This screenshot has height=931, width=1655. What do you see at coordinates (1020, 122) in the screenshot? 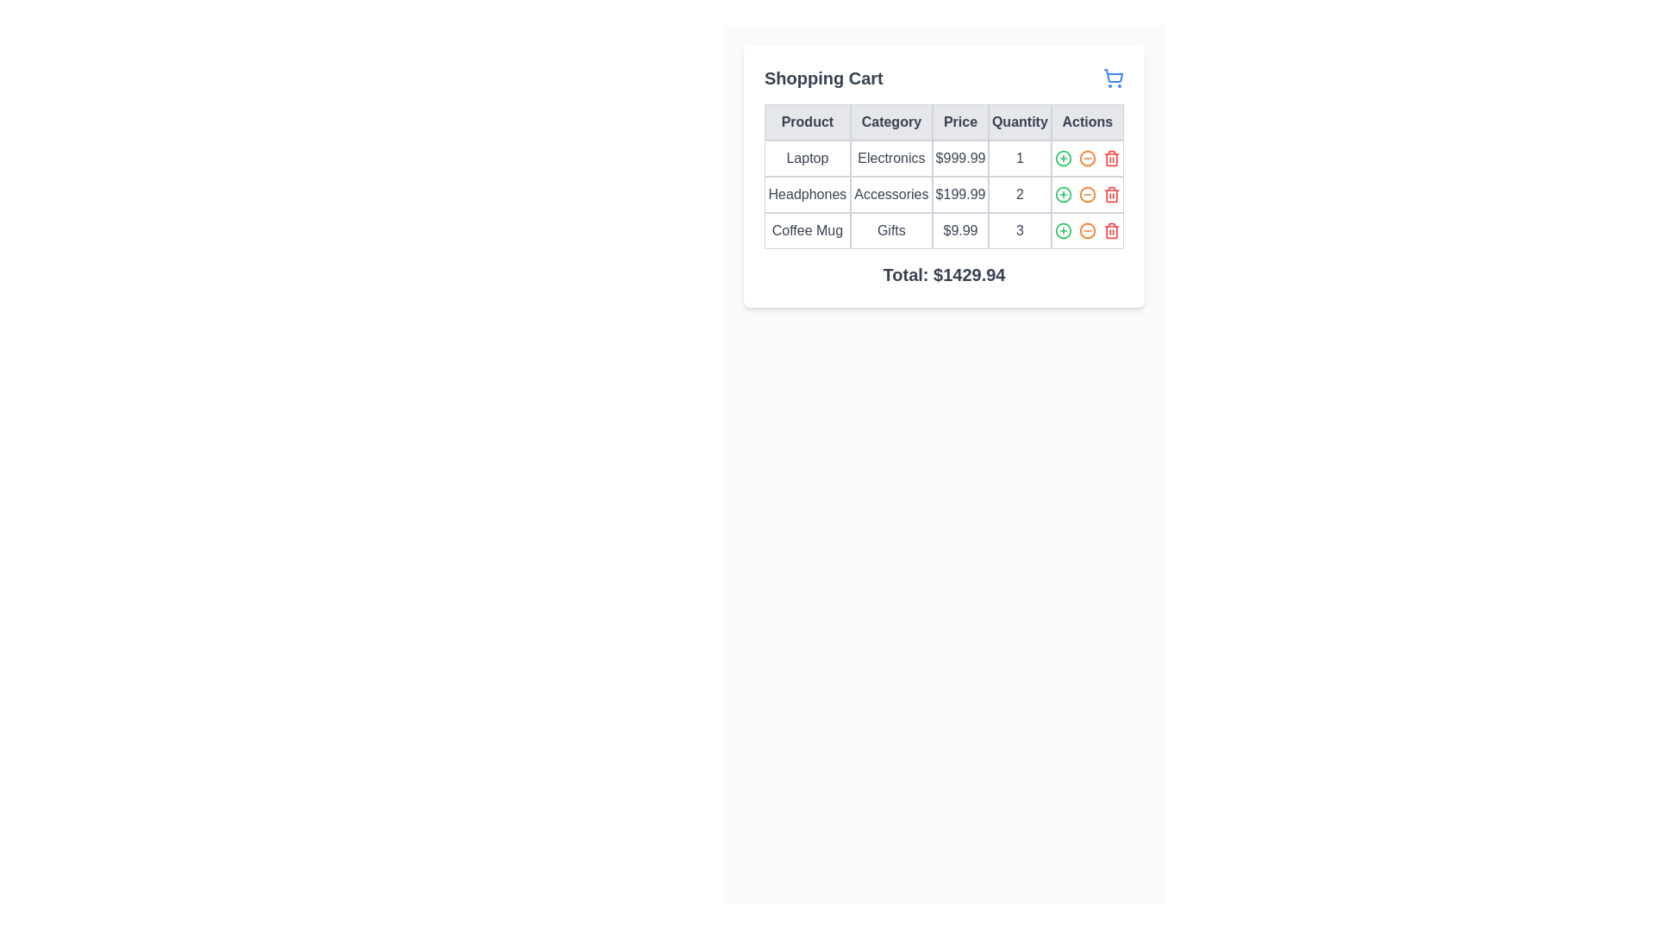
I see `the 'Quantity' label in the 'Shopping Cart' table, which is the fourth column header following 'Product', 'Category', and 'Price'` at bounding box center [1020, 122].